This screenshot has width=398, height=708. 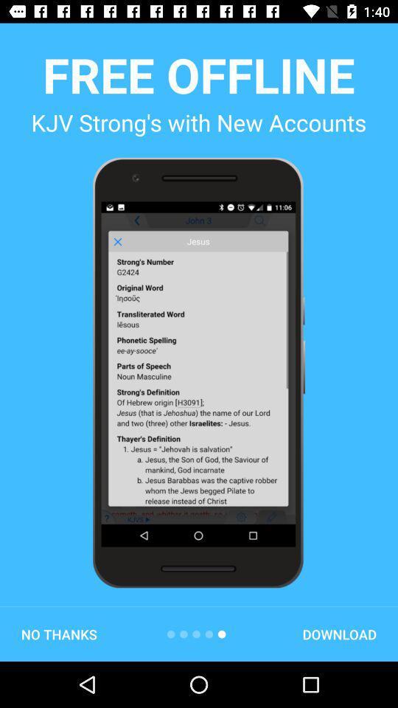 What do you see at coordinates (339, 634) in the screenshot?
I see `download item` at bounding box center [339, 634].